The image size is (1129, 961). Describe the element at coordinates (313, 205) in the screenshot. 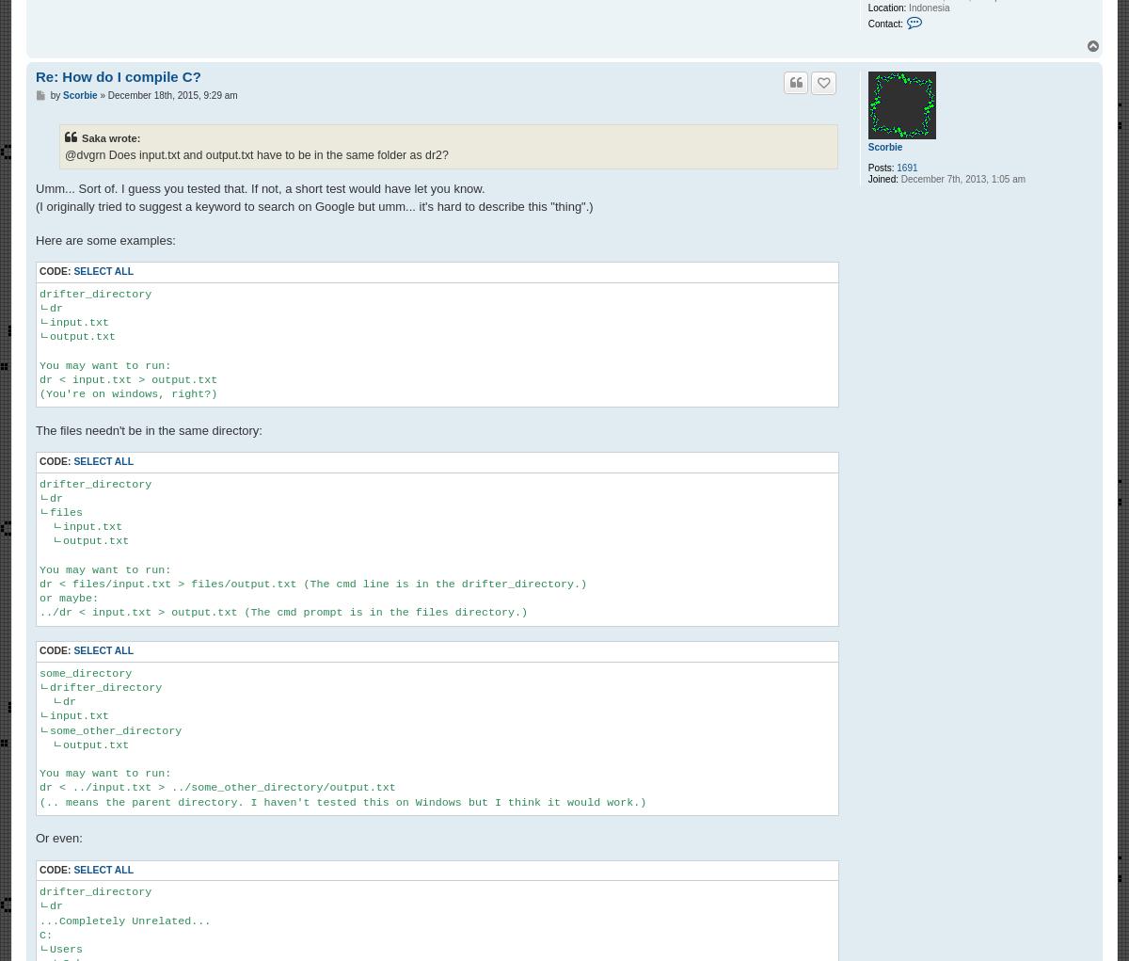

I see `'(I originally tried to suggest a keyword to search on Google but umm... it's hard to describe this "thing".)'` at that location.